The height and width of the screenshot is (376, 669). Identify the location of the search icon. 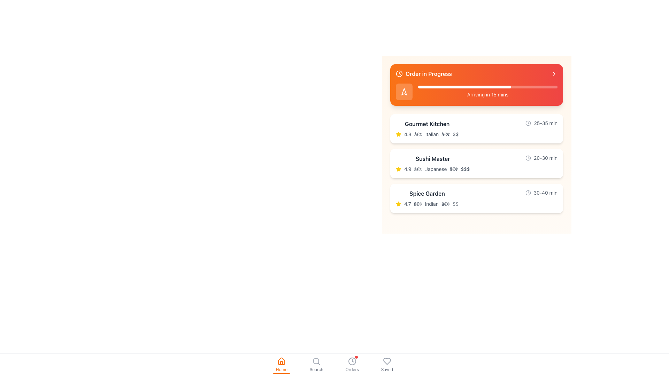
(316, 361).